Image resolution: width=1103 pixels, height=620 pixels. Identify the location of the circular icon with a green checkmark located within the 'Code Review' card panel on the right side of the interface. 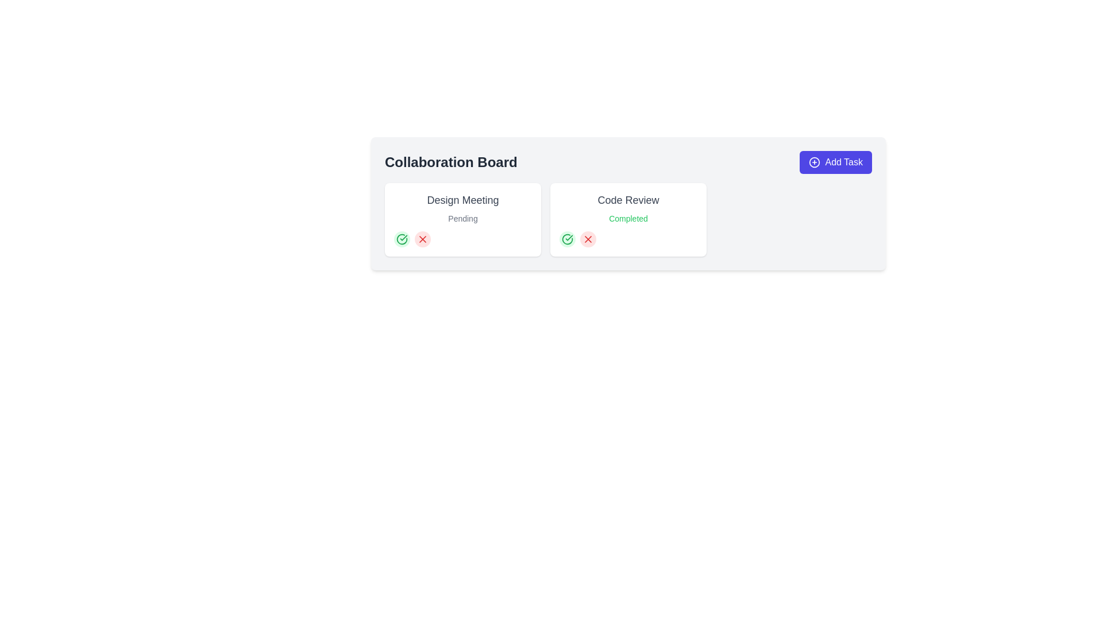
(568, 238).